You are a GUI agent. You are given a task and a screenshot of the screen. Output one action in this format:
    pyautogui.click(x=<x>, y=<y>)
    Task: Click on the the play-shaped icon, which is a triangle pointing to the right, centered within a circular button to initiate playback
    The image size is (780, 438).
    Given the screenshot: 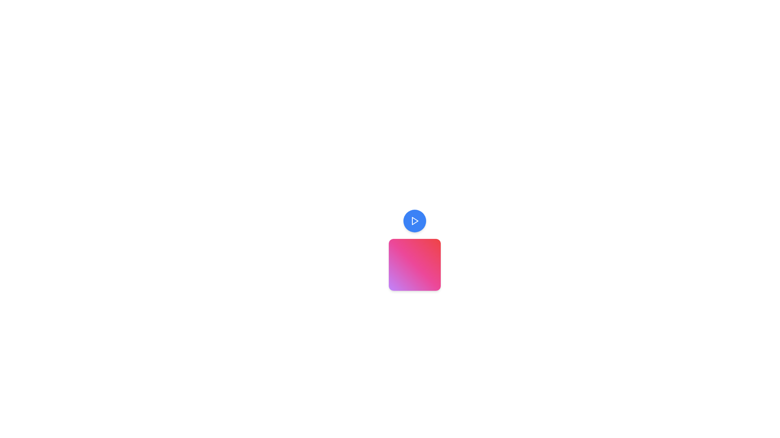 What is the action you would take?
    pyautogui.click(x=414, y=221)
    